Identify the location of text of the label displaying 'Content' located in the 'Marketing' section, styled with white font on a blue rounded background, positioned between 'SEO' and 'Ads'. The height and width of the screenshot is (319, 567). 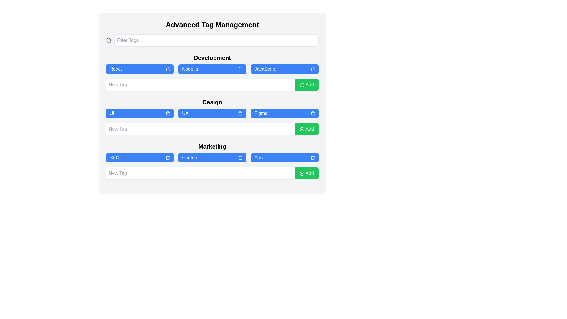
(190, 157).